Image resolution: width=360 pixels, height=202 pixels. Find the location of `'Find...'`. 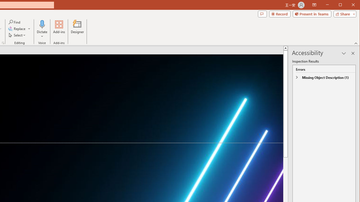

'Find...' is located at coordinates (15, 22).